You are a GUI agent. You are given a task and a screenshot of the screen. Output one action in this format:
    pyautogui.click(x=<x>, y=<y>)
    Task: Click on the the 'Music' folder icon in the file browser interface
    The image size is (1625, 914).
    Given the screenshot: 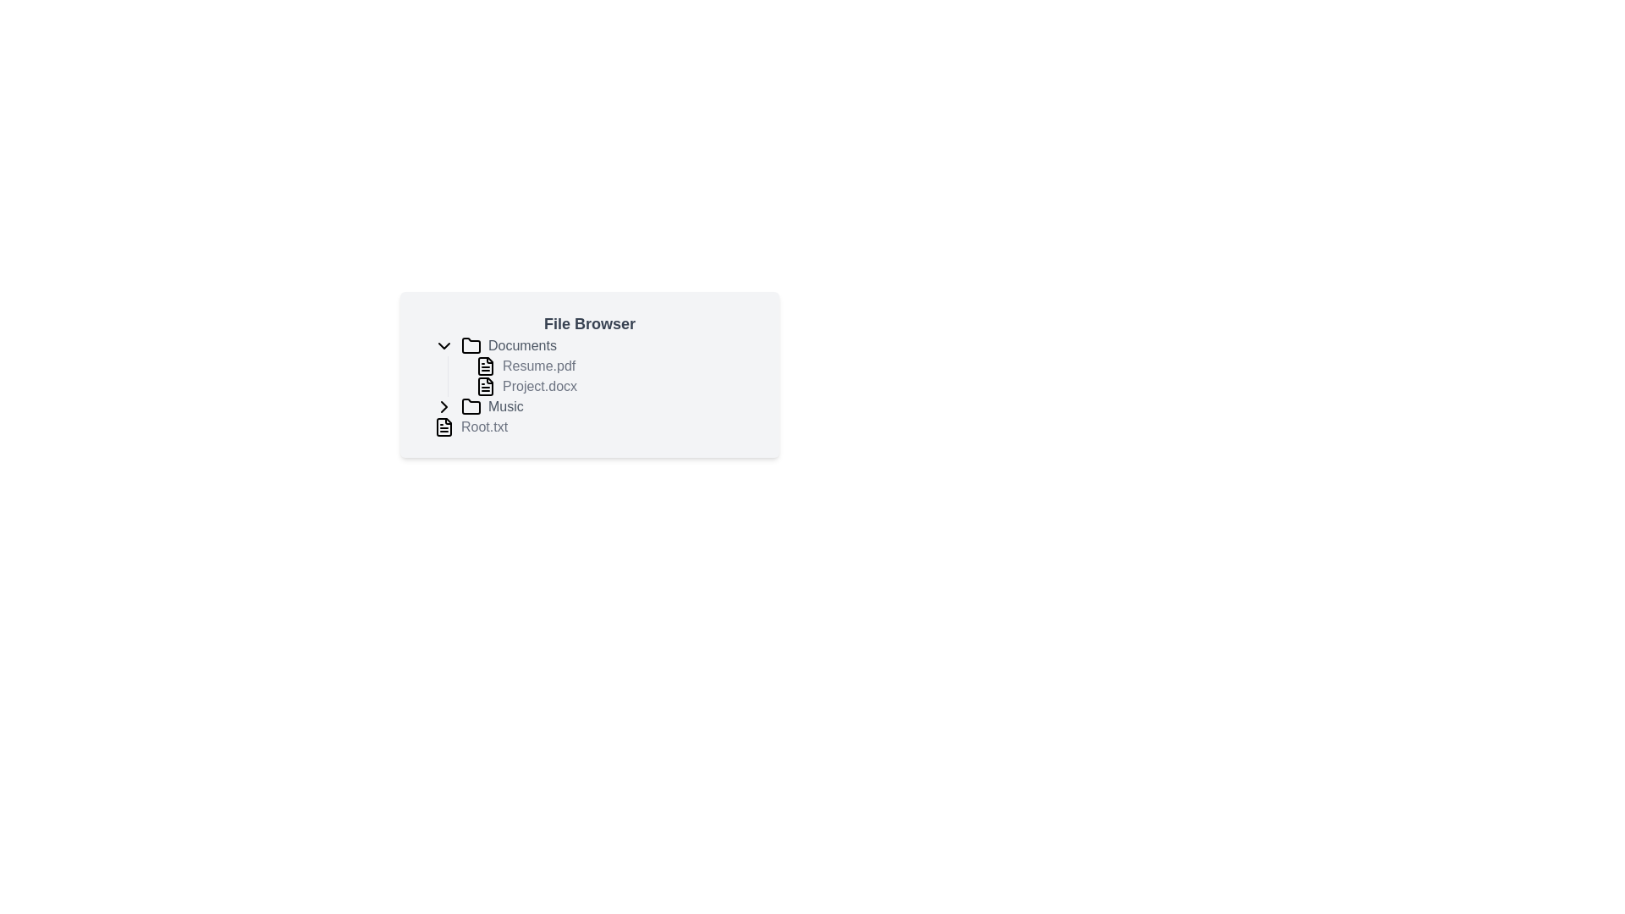 What is the action you would take?
    pyautogui.click(x=471, y=407)
    